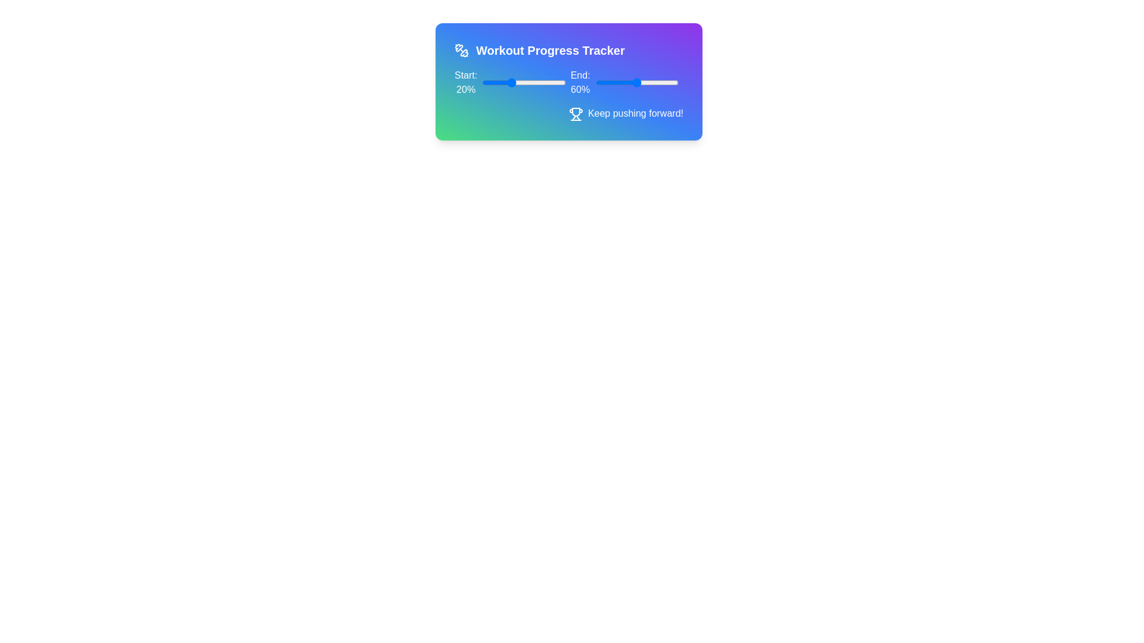 Image resolution: width=1144 pixels, height=643 pixels. Describe the element at coordinates (568, 82) in the screenshot. I see `the left slider handle of the range slider group, which is visually represented by a blue slider control with the label 'Start: 20%'` at that location.